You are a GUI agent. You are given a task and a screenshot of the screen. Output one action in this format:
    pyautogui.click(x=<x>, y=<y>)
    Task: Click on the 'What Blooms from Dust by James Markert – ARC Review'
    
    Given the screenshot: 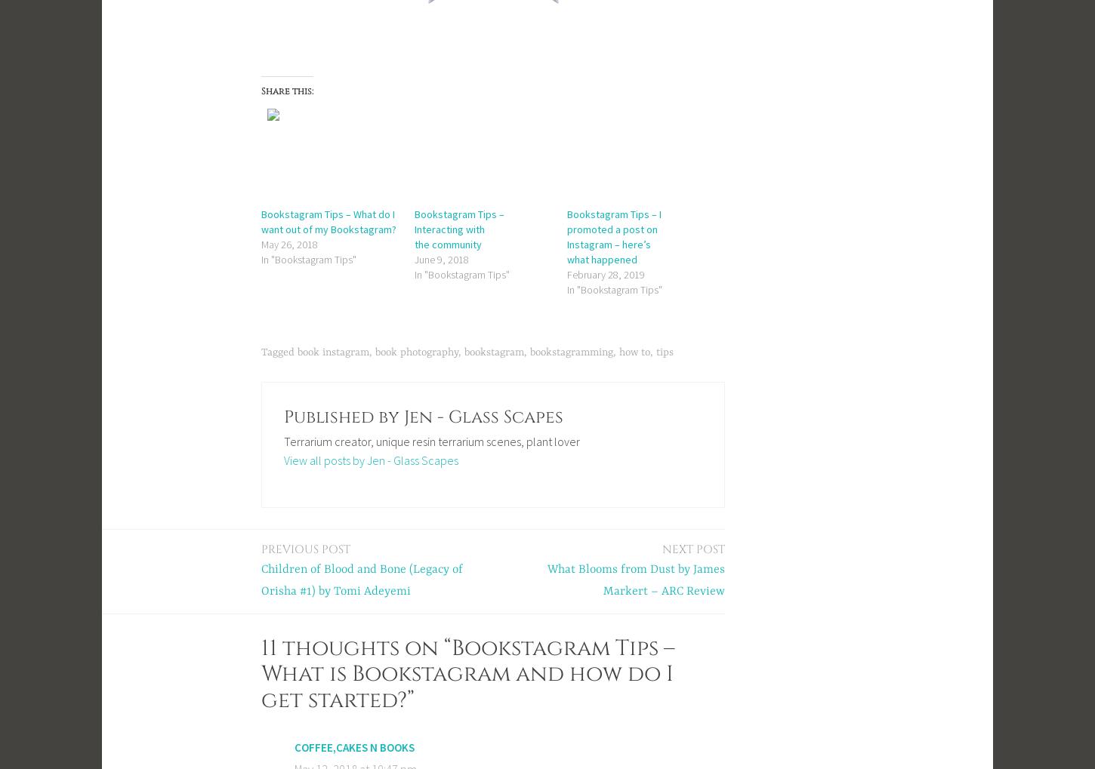 What is the action you would take?
    pyautogui.click(x=547, y=579)
    